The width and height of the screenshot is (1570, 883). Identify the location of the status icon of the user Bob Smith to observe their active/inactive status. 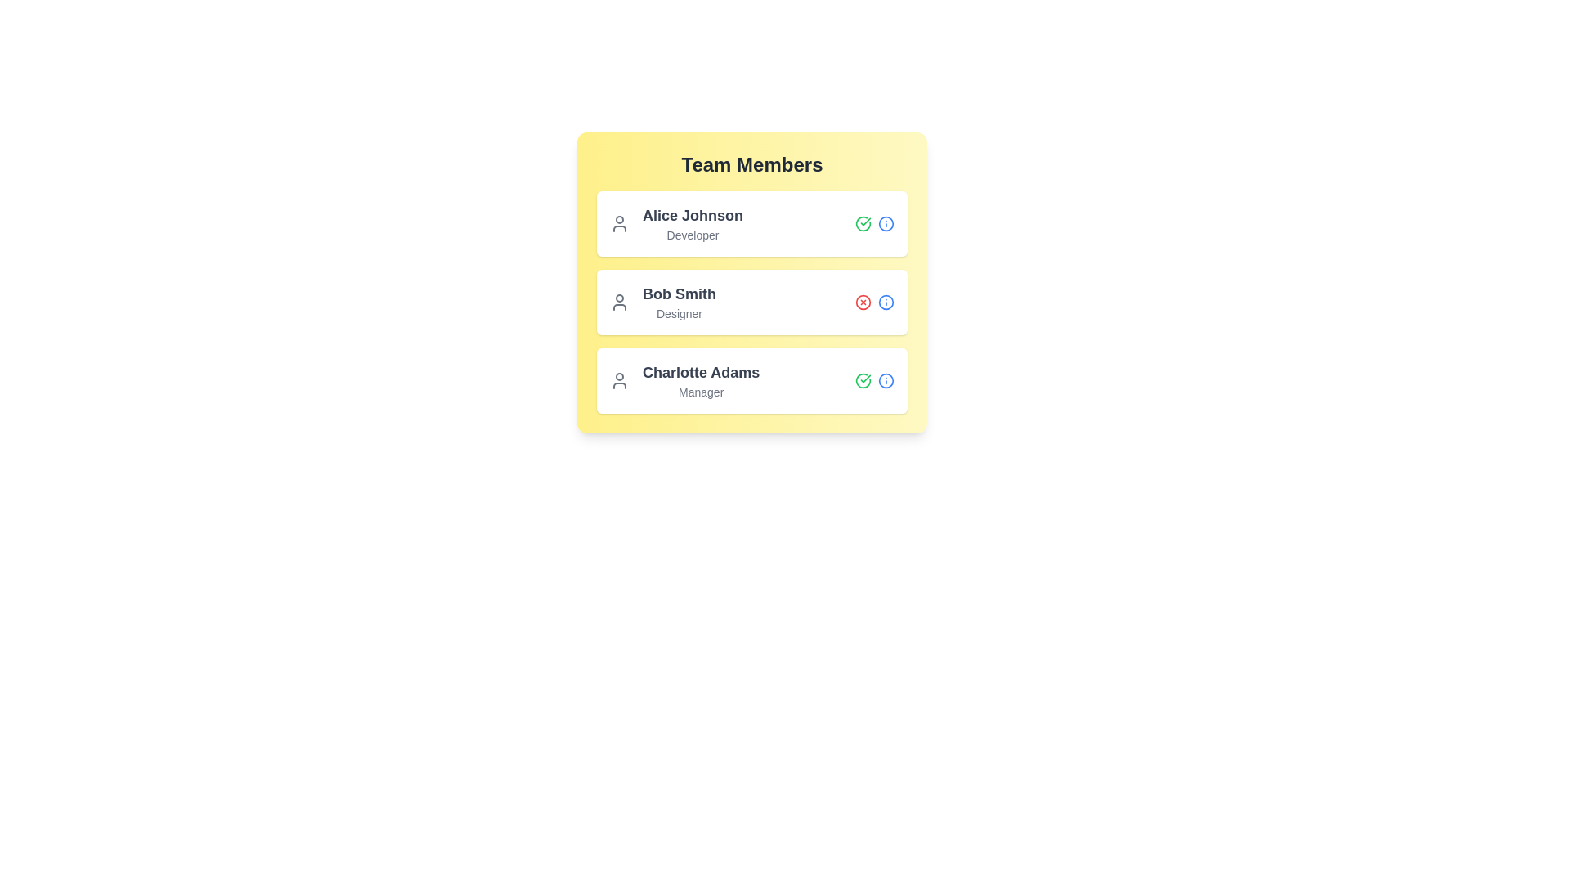
(863, 303).